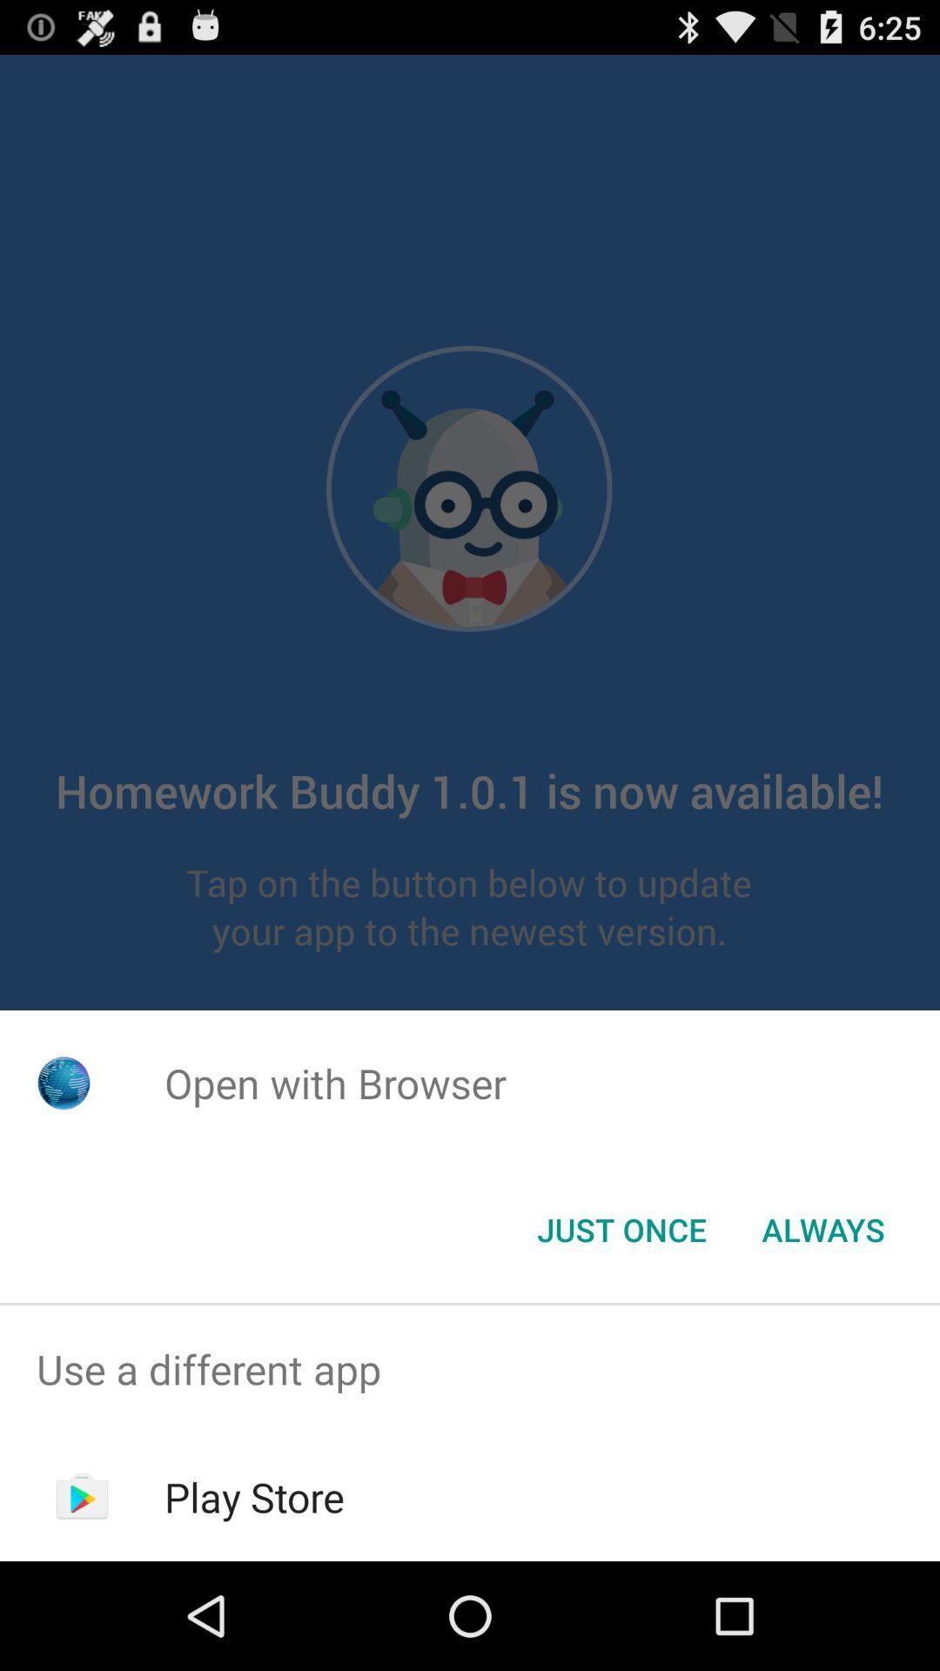 The height and width of the screenshot is (1671, 940). I want to click on icon below the open with browser item, so click(822, 1228).